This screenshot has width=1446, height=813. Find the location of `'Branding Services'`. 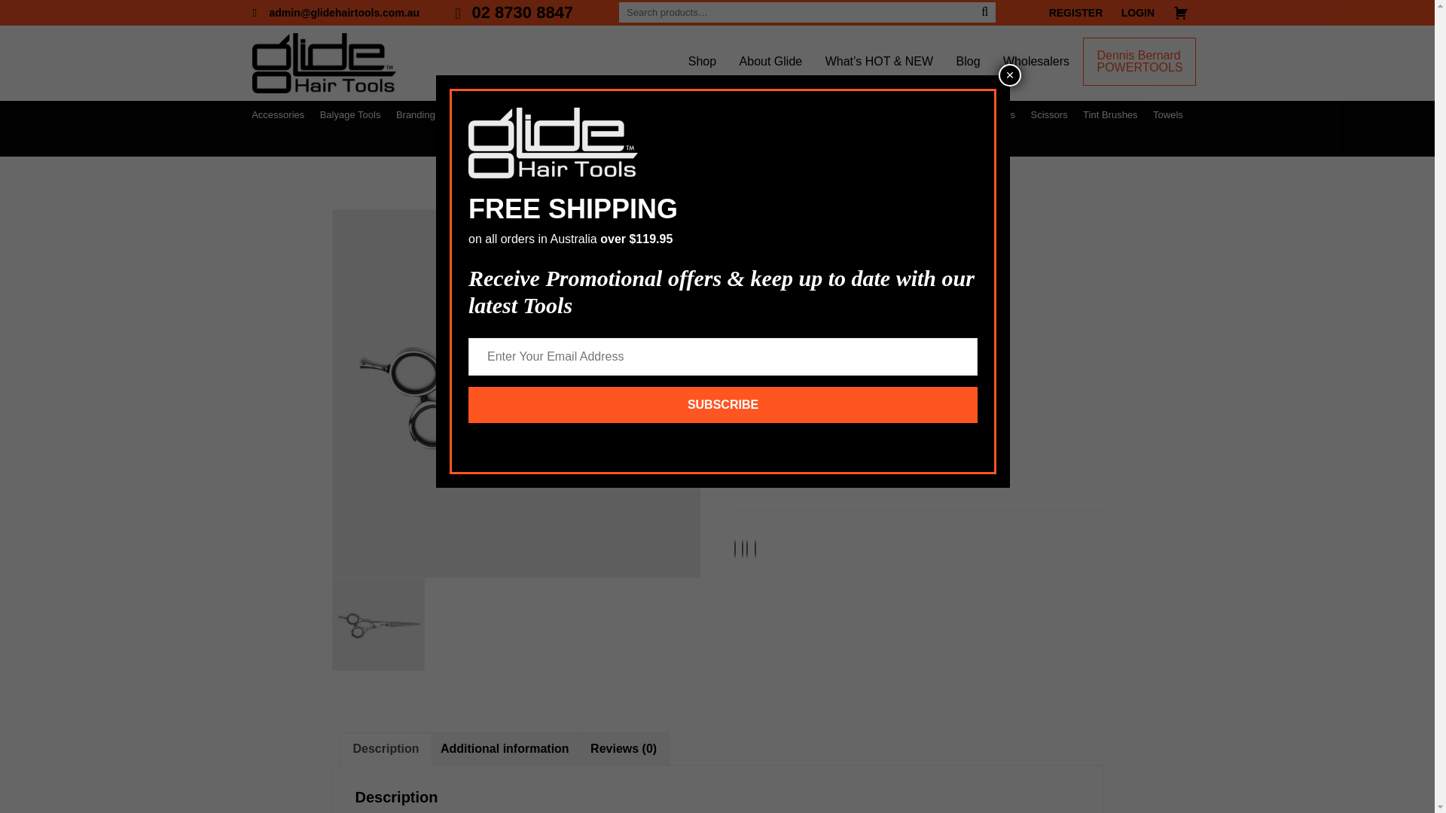

'Branding Services' is located at coordinates (435, 114).